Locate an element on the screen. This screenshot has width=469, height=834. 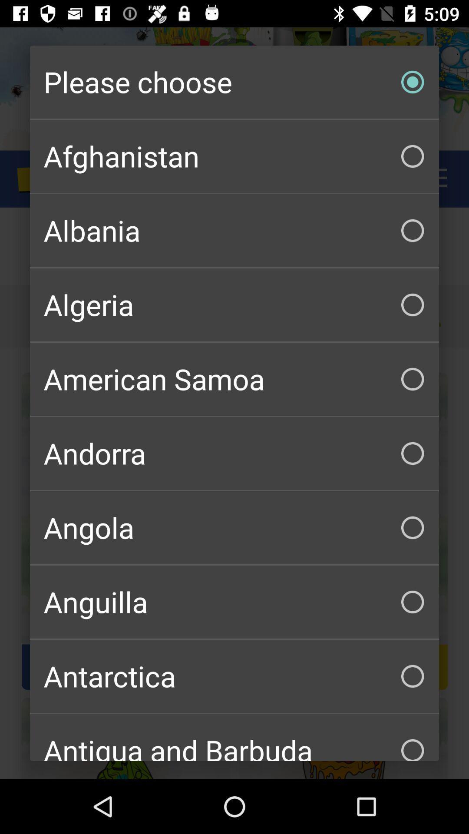
andorra checkbox is located at coordinates (234, 453).